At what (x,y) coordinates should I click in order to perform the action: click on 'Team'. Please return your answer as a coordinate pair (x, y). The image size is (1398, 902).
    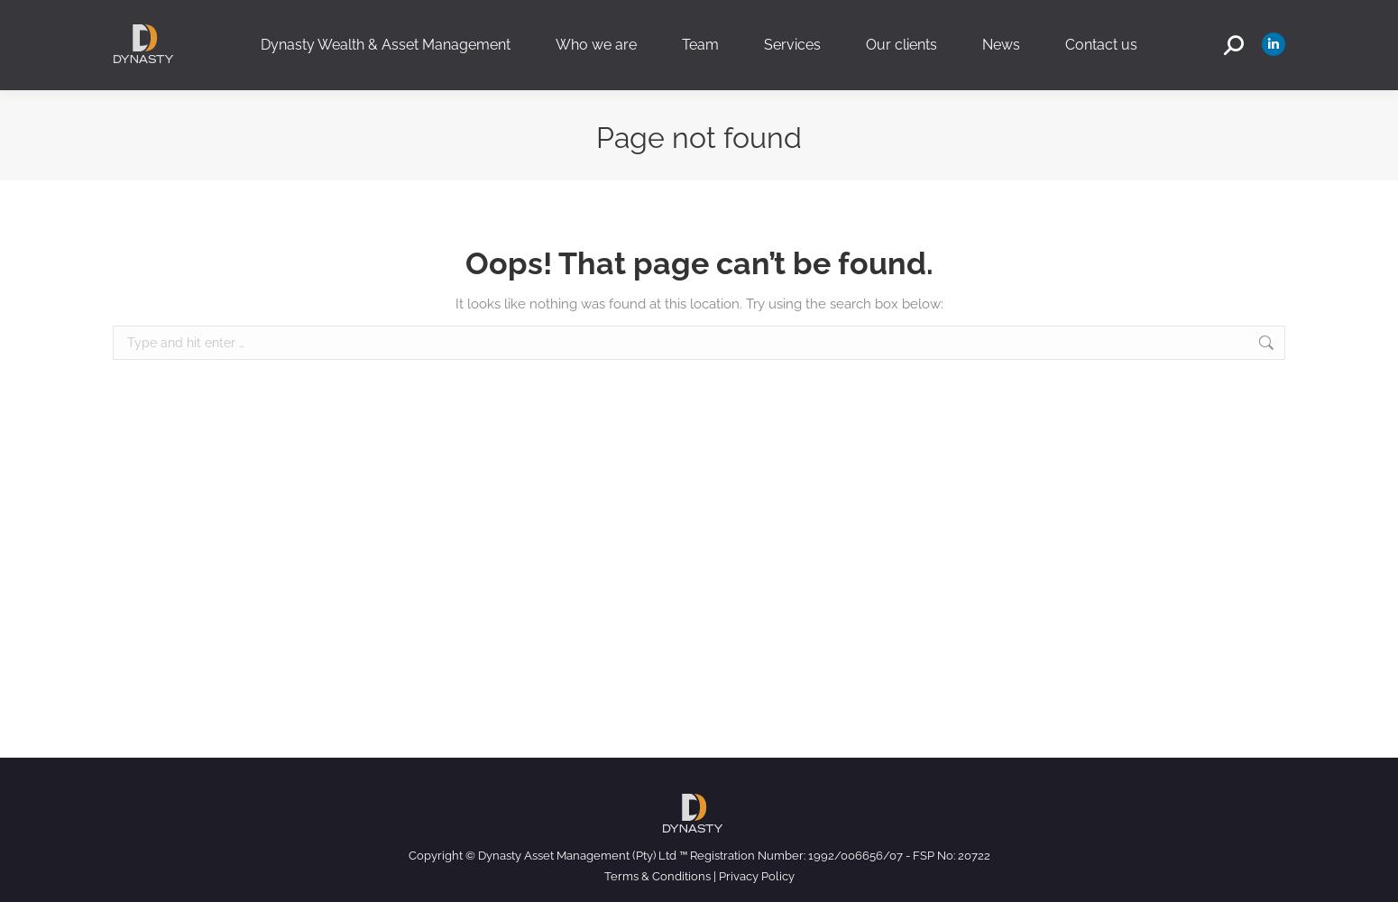
    Looking at the image, I should click on (699, 44).